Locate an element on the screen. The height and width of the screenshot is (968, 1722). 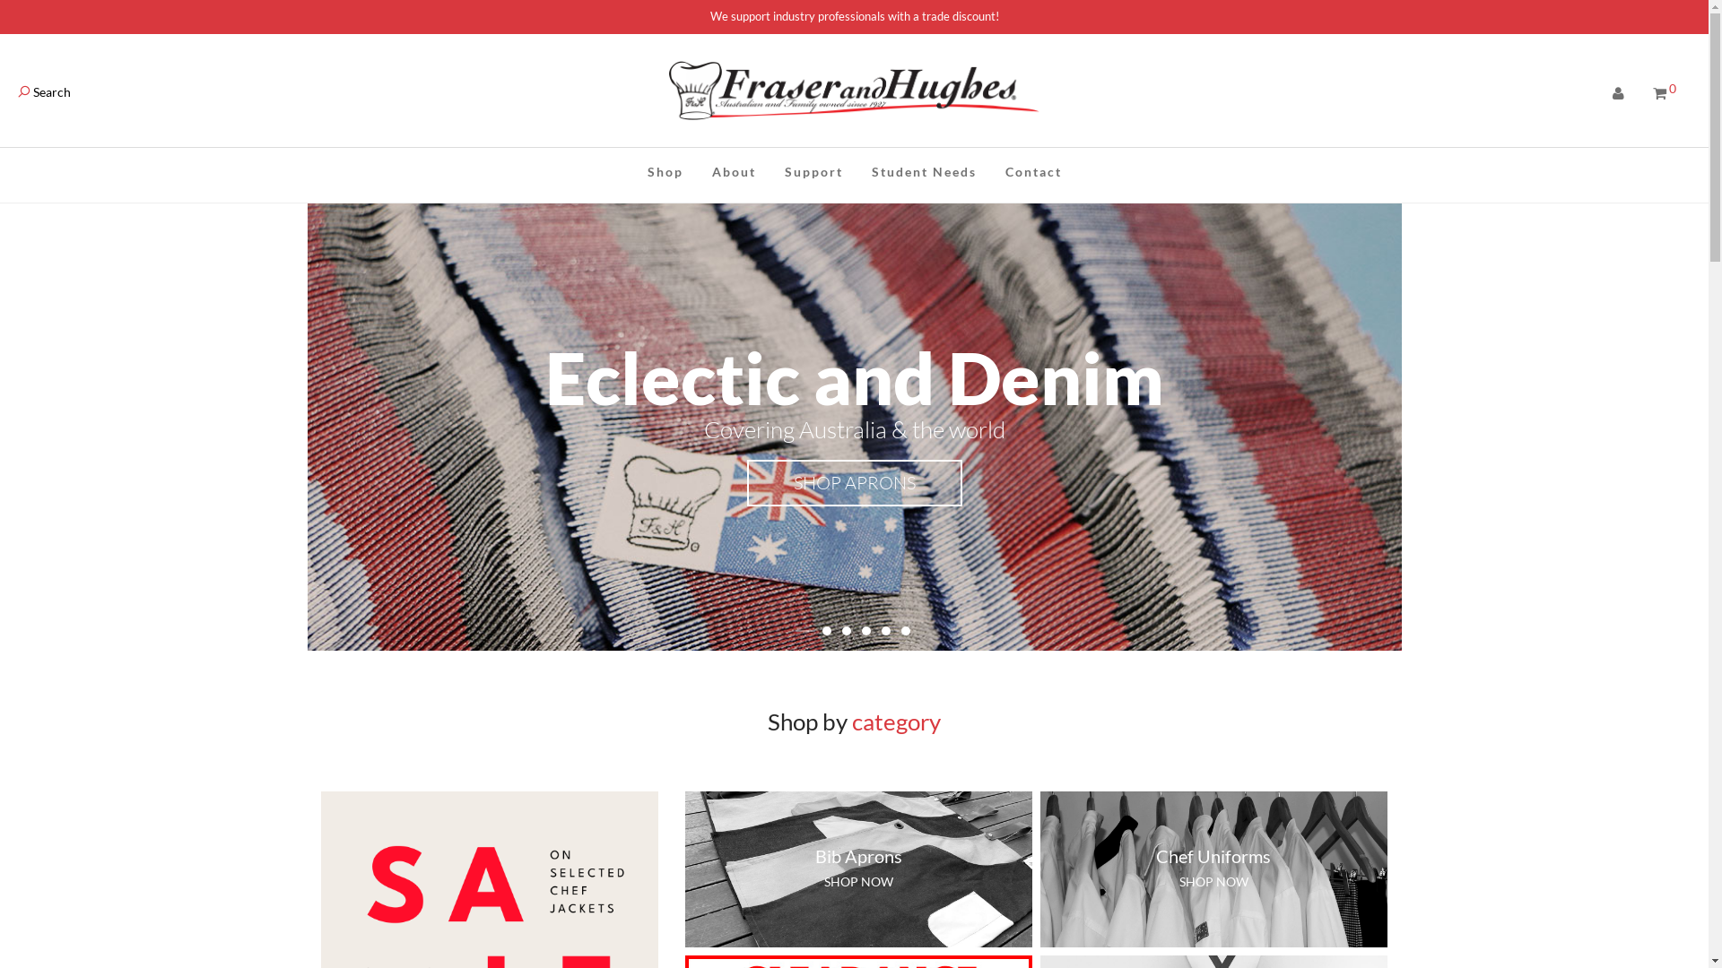
'Support' is located at coordinates (812, 171).